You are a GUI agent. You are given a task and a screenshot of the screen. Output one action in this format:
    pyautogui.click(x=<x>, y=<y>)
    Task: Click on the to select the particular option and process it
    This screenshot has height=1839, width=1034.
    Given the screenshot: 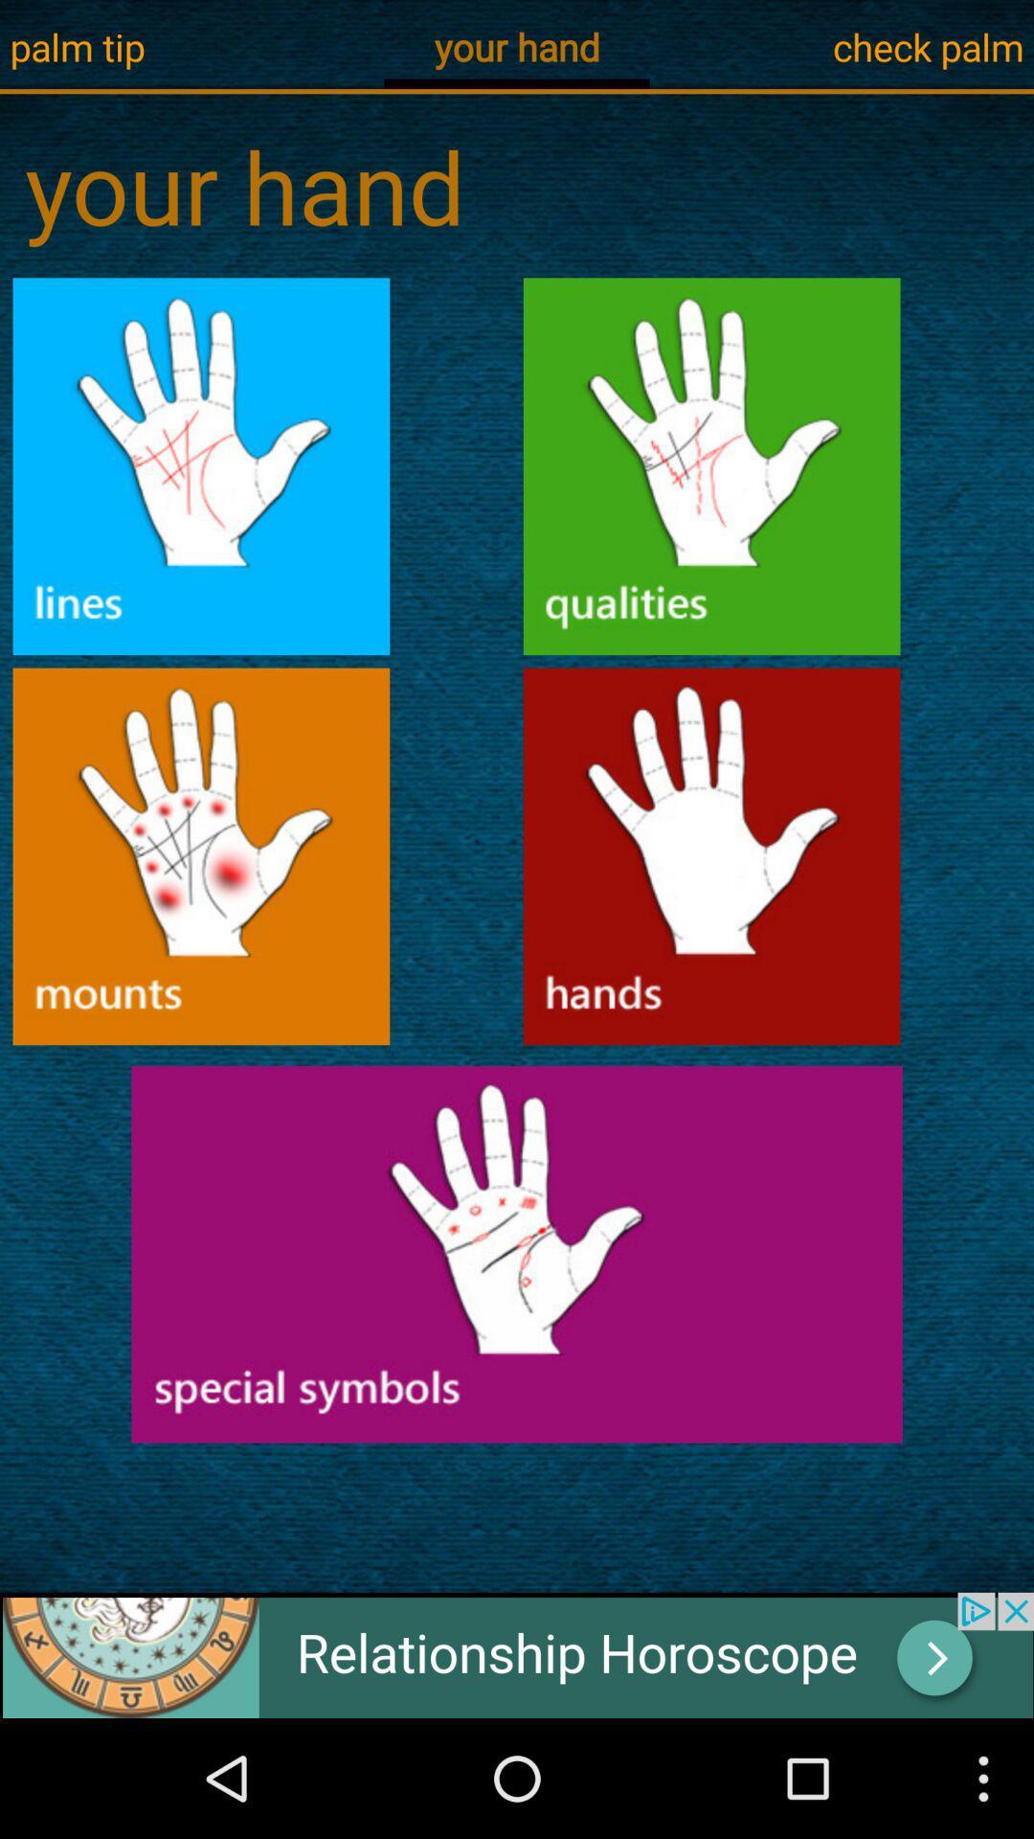 What is the action you would take?
    pyautogui.click(x=201, y=855)
    